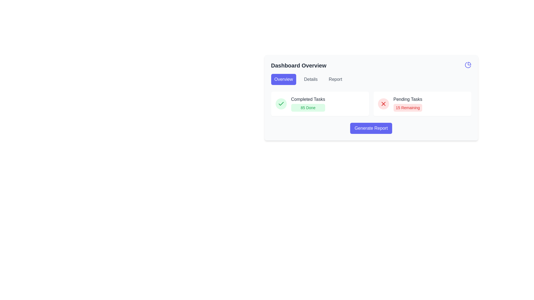  What do you see at coordinates (283, 79) in the screenshot?
I see `the blue rectangular button with rounded corners labeled 'Overview'` at bounding box center [283, 79].